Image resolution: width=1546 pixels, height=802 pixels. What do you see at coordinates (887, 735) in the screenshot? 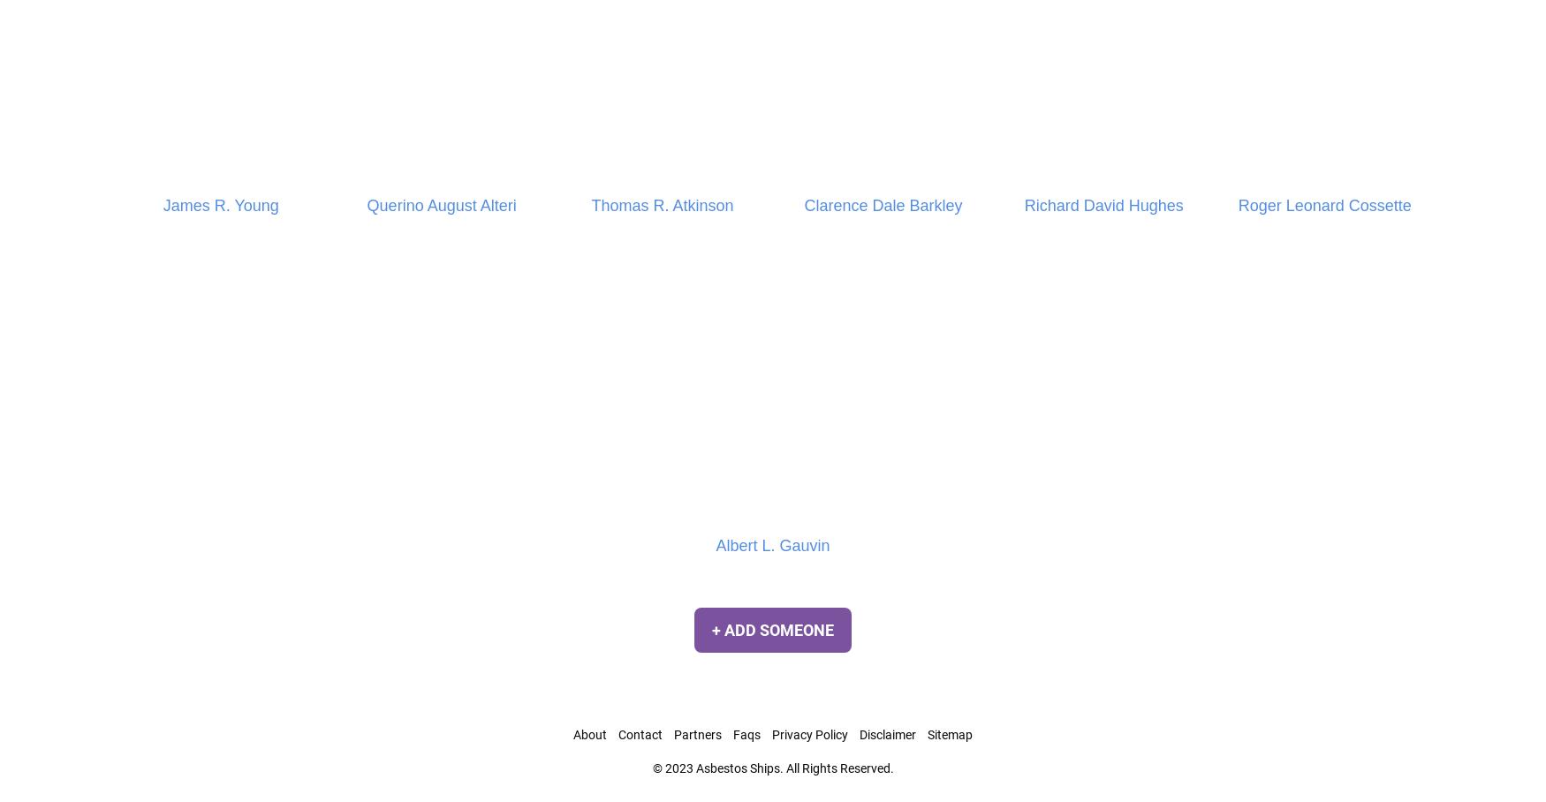
I see `'Disclaimer'` at bounding box center [887, 735].